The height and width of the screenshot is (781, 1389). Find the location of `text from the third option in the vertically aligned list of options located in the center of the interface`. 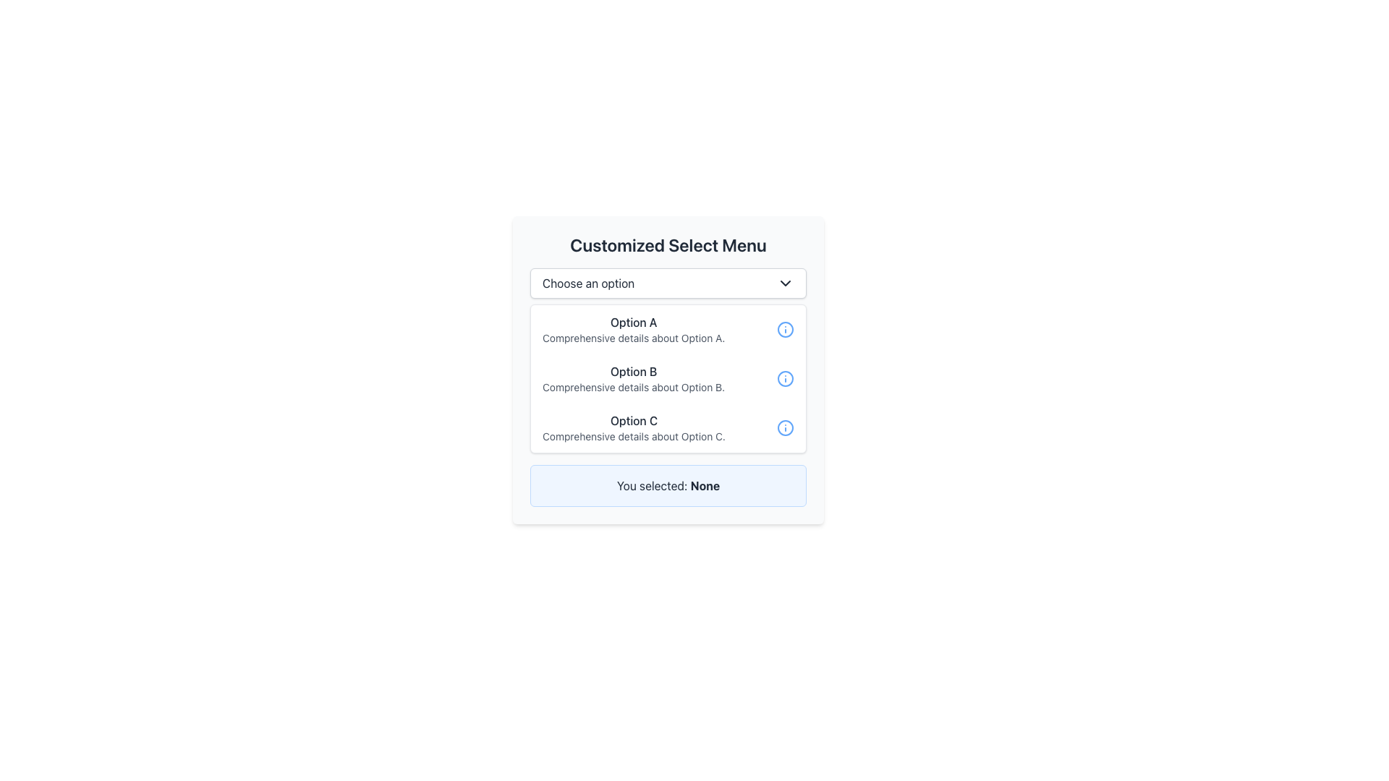

text from the third option in the vertically aligned list of options located in the center of the interface is located at coordinates (634, 427).